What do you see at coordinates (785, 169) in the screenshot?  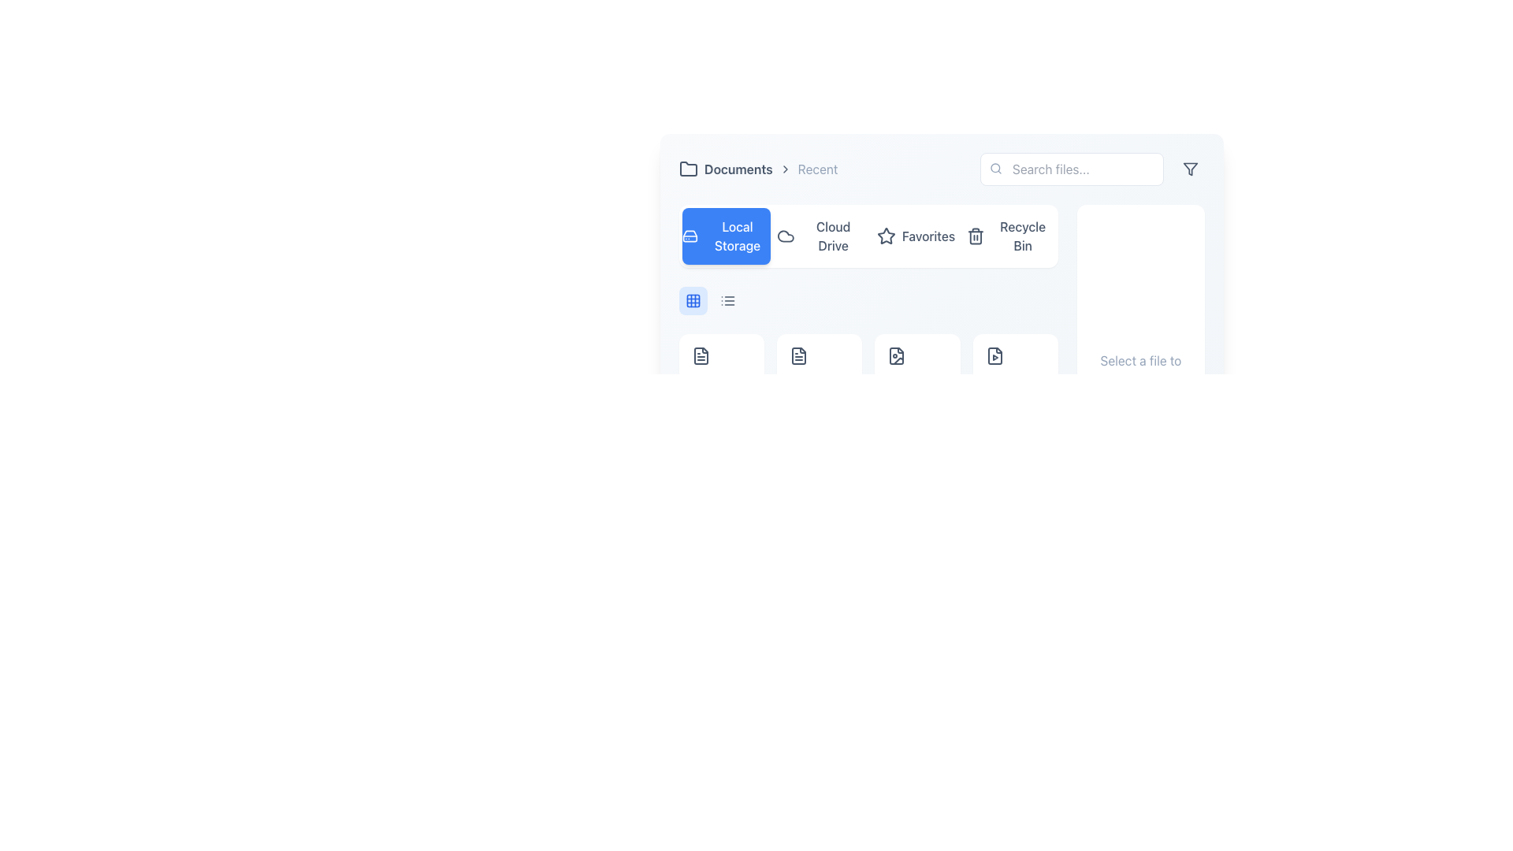 I see `the arrow icon pointing to the right located between the 'Documents' and 'Recent' labels in the top navigation bar` at bounding box center [785, 169].